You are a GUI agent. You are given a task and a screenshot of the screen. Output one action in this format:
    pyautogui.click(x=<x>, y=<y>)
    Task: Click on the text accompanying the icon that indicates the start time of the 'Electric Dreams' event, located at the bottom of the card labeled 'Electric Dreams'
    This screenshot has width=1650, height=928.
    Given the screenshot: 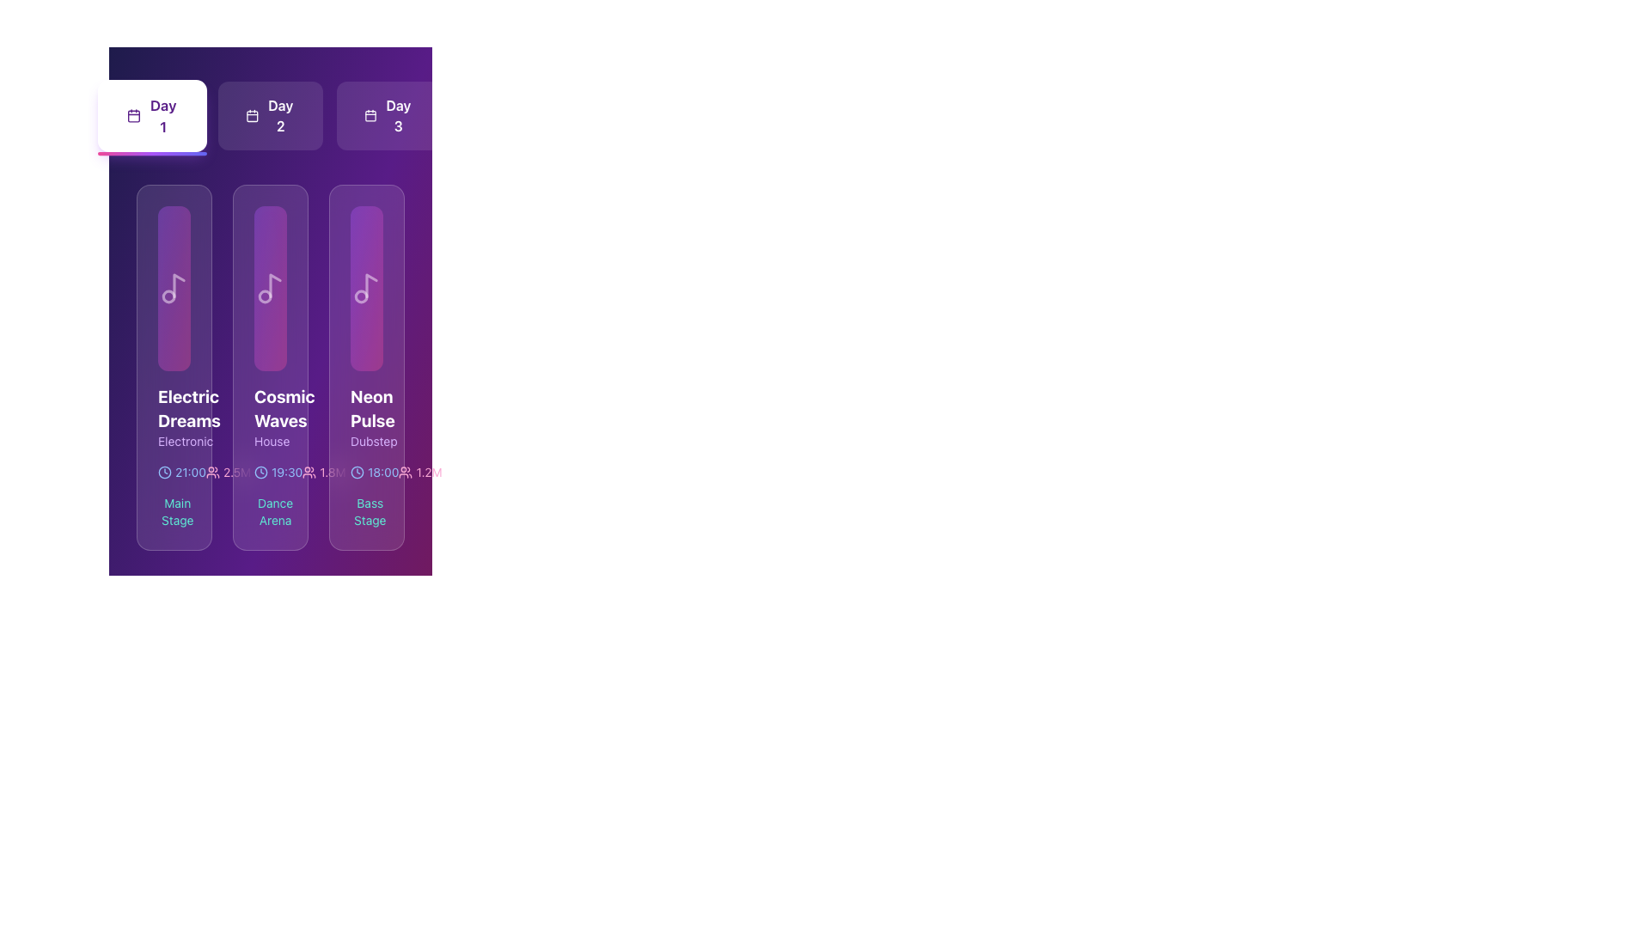 What is the action you would take?
    pyautogui.click(x=174, y=473)
    